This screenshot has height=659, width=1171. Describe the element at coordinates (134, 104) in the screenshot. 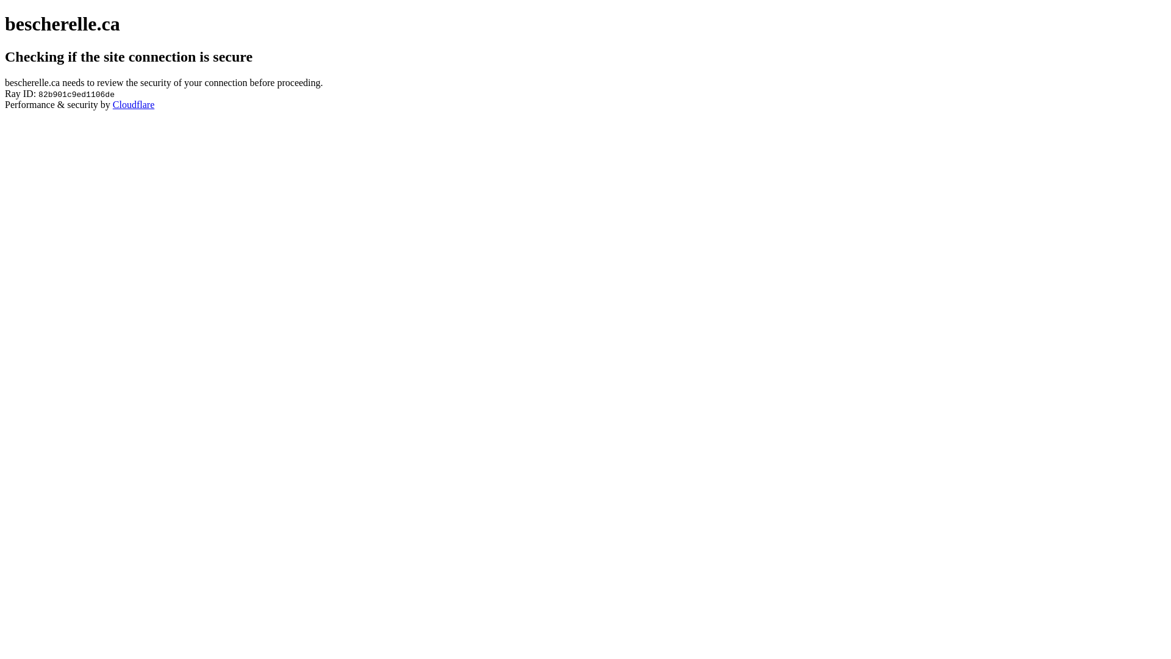

I see `'Cloudflare'` at that location.